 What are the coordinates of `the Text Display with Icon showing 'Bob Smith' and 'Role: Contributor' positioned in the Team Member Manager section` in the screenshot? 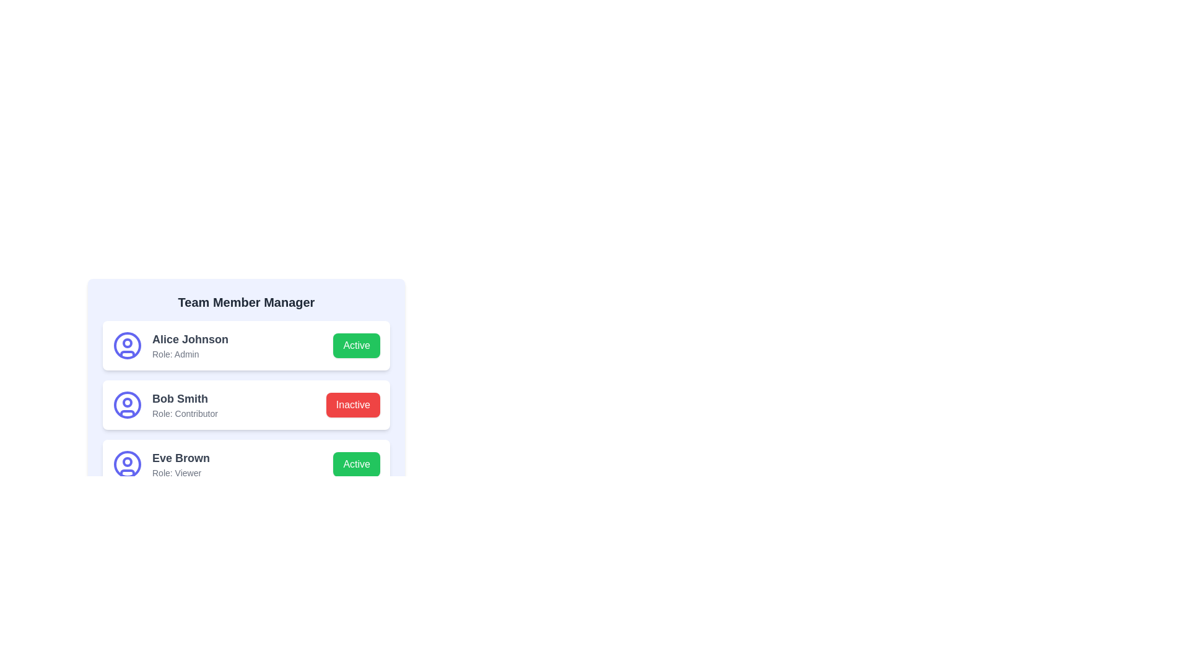 It's located at (164, 405).